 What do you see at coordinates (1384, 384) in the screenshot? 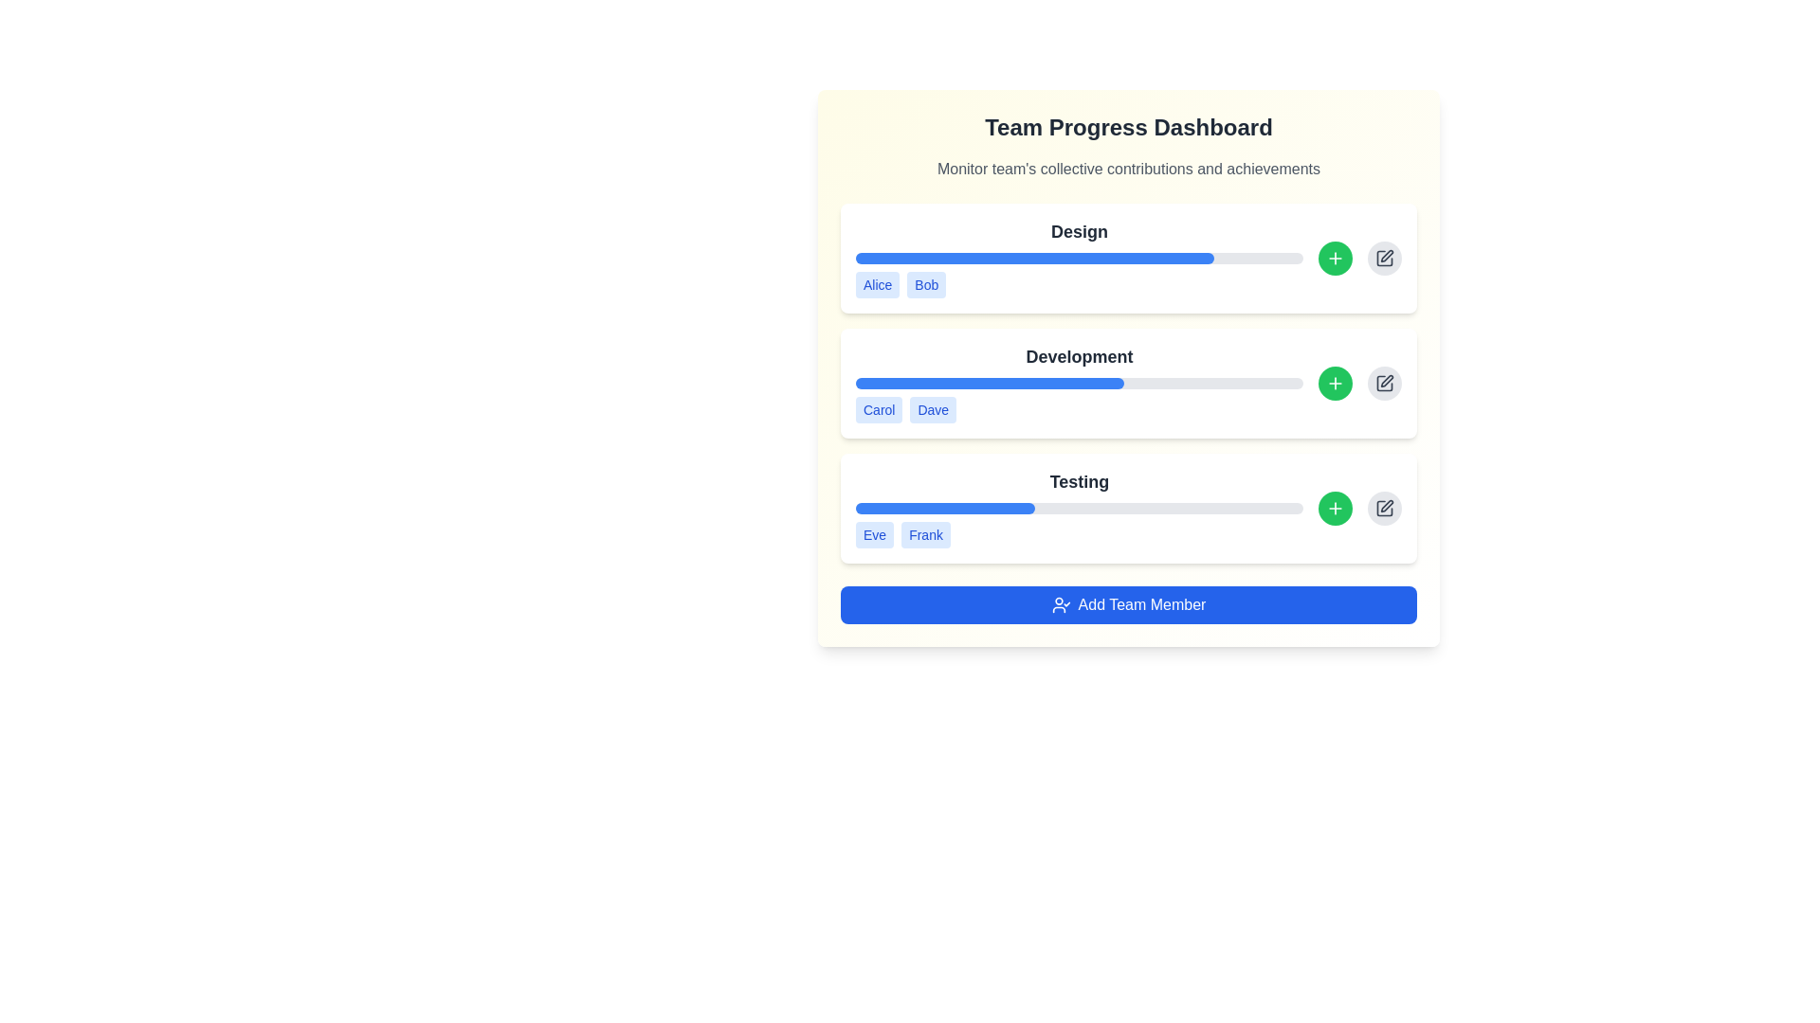
I see `the circular edit button with a pencil symbol located in the 'Development' section to trigger the tooltip` at bounding box center [1384, 384].